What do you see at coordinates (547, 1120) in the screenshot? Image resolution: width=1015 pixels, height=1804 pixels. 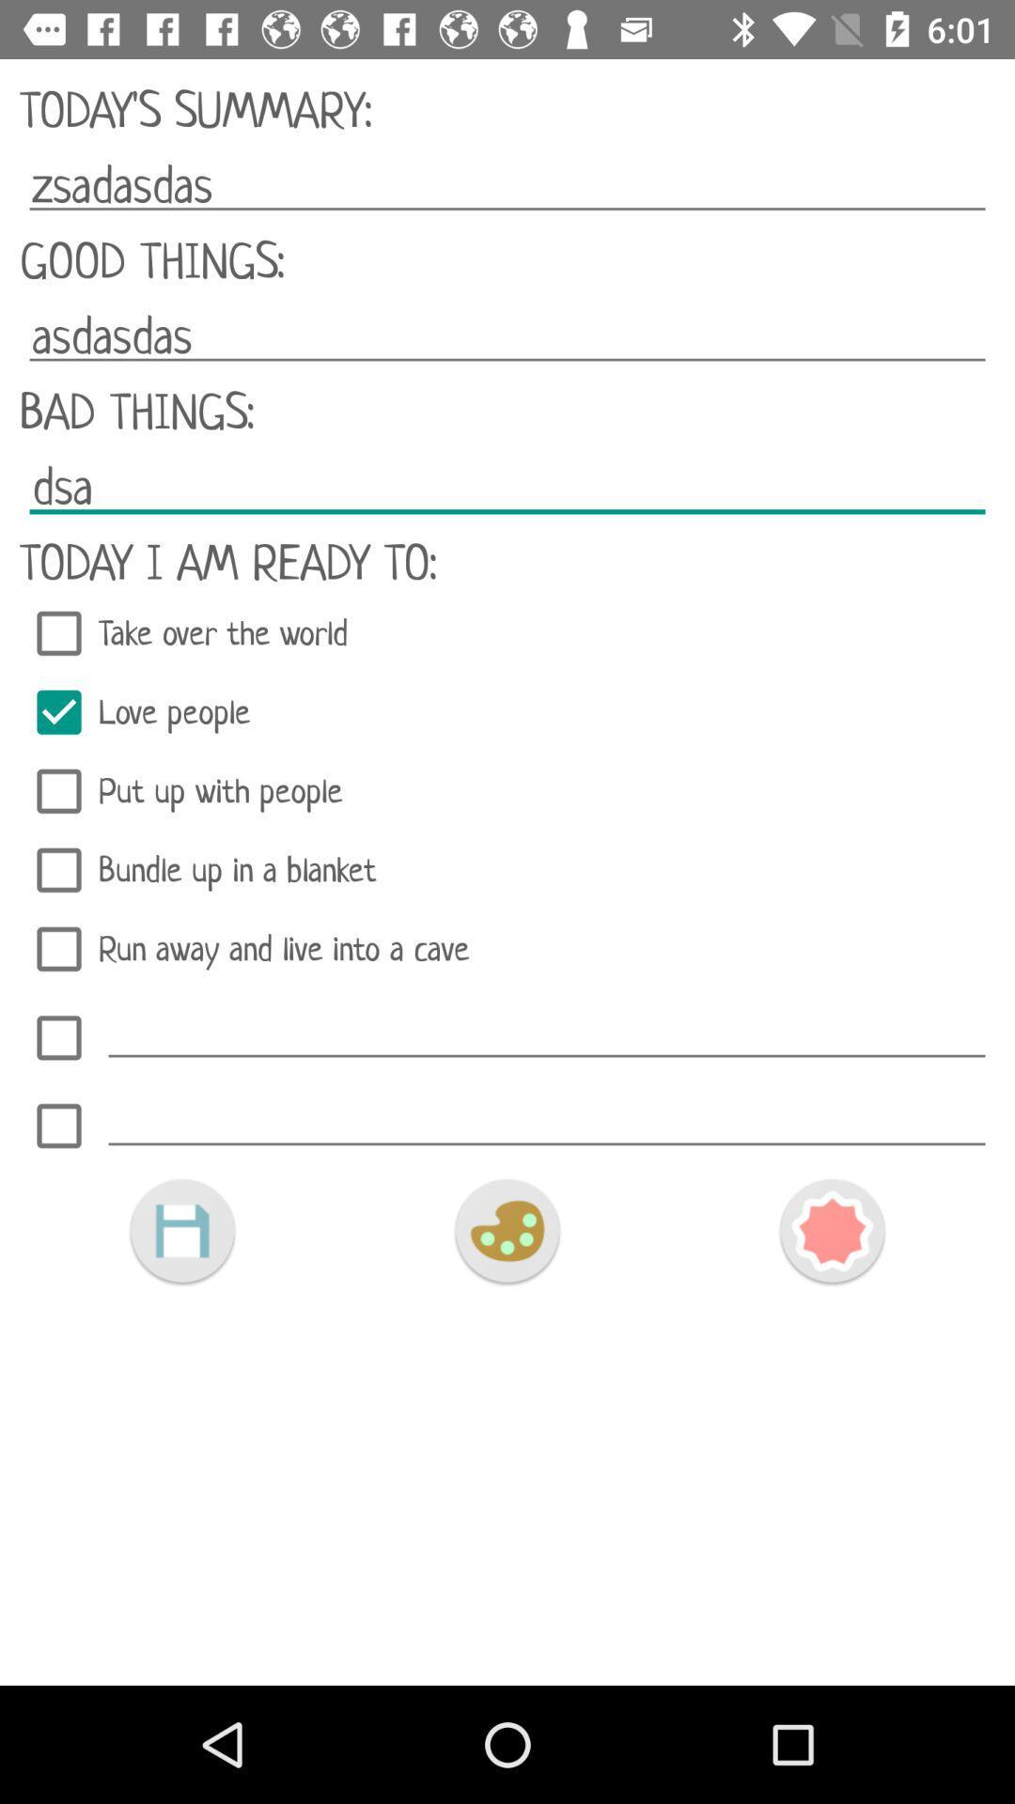 I see `to list` at bounding box center [547, 1120].